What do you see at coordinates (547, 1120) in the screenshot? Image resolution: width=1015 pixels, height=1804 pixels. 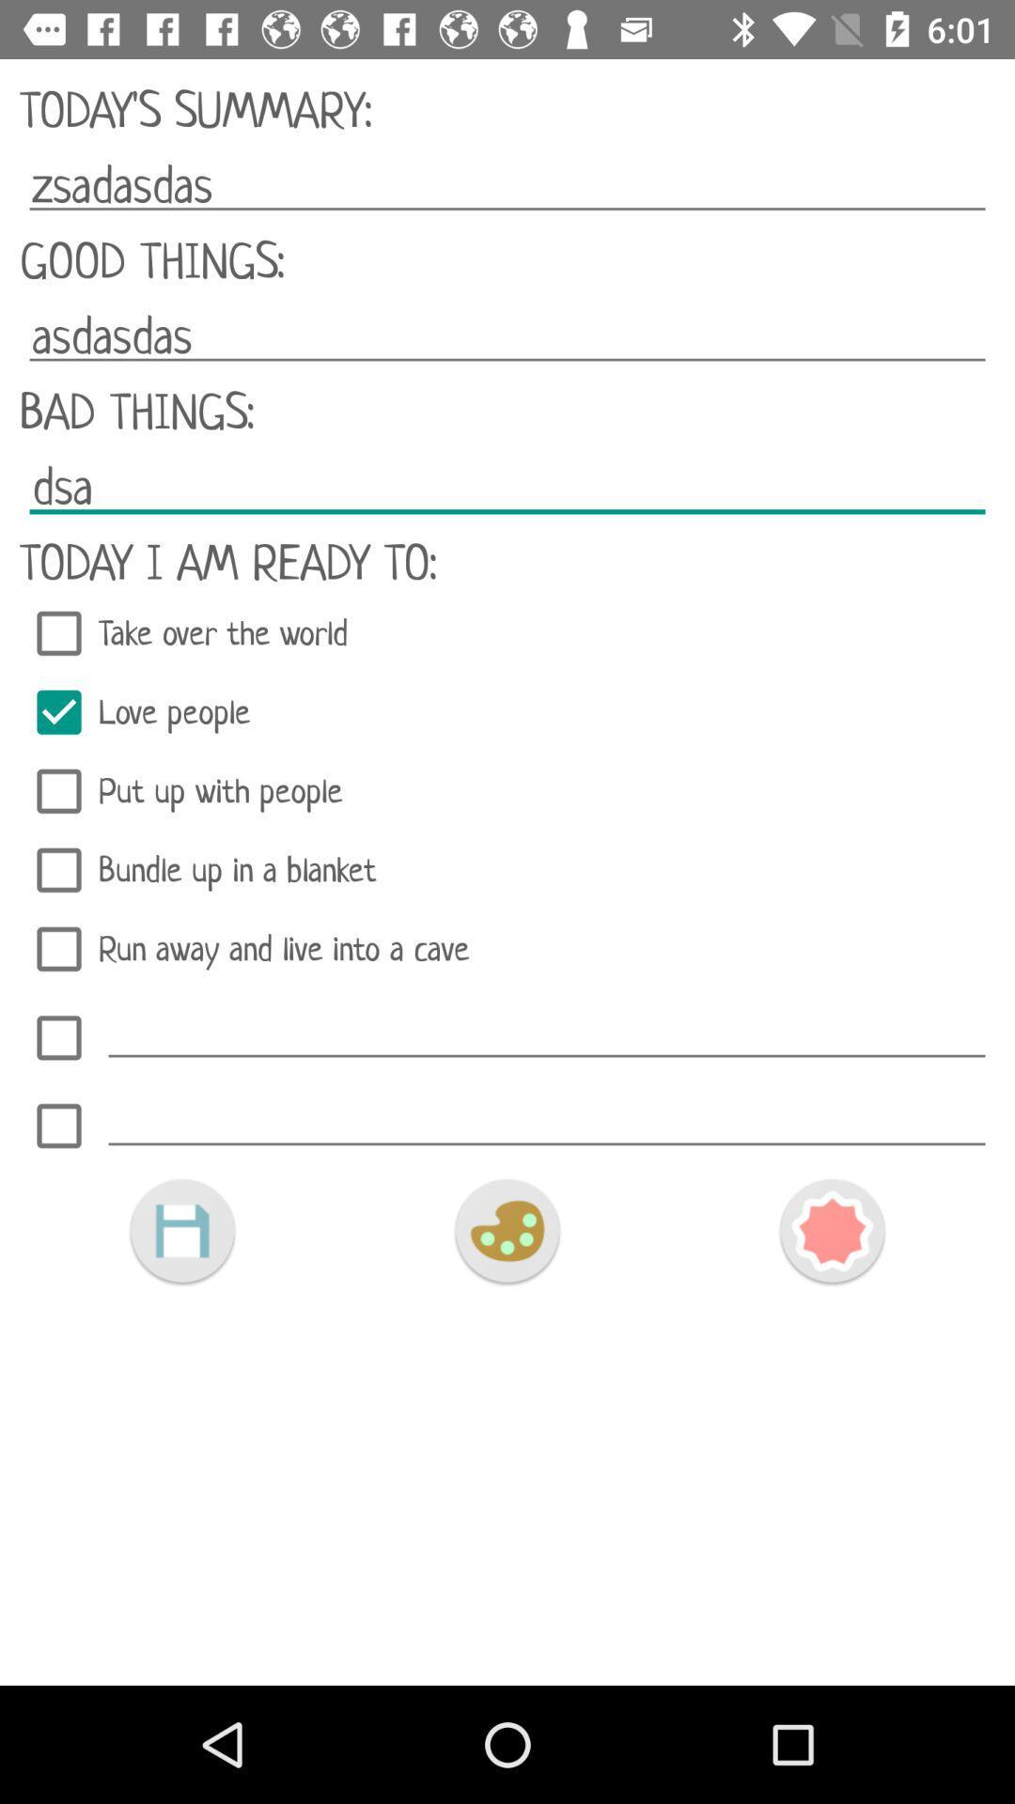 I see `to list` at bounding box center [547, 1120].